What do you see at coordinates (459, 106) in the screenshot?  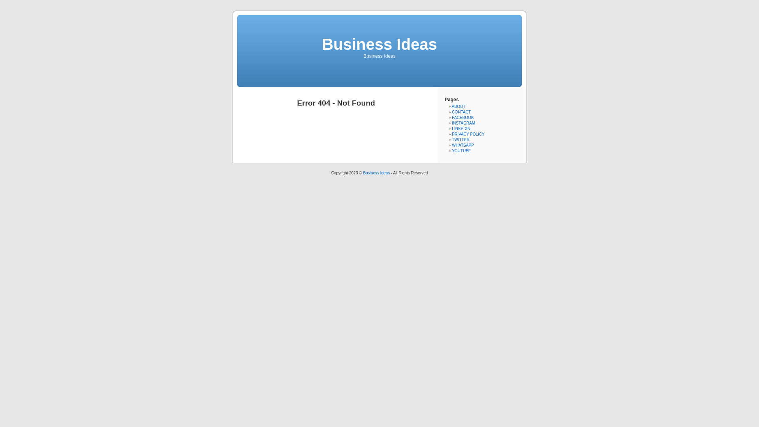 I see `'ABOUT'` at bounding box center [459, 106].